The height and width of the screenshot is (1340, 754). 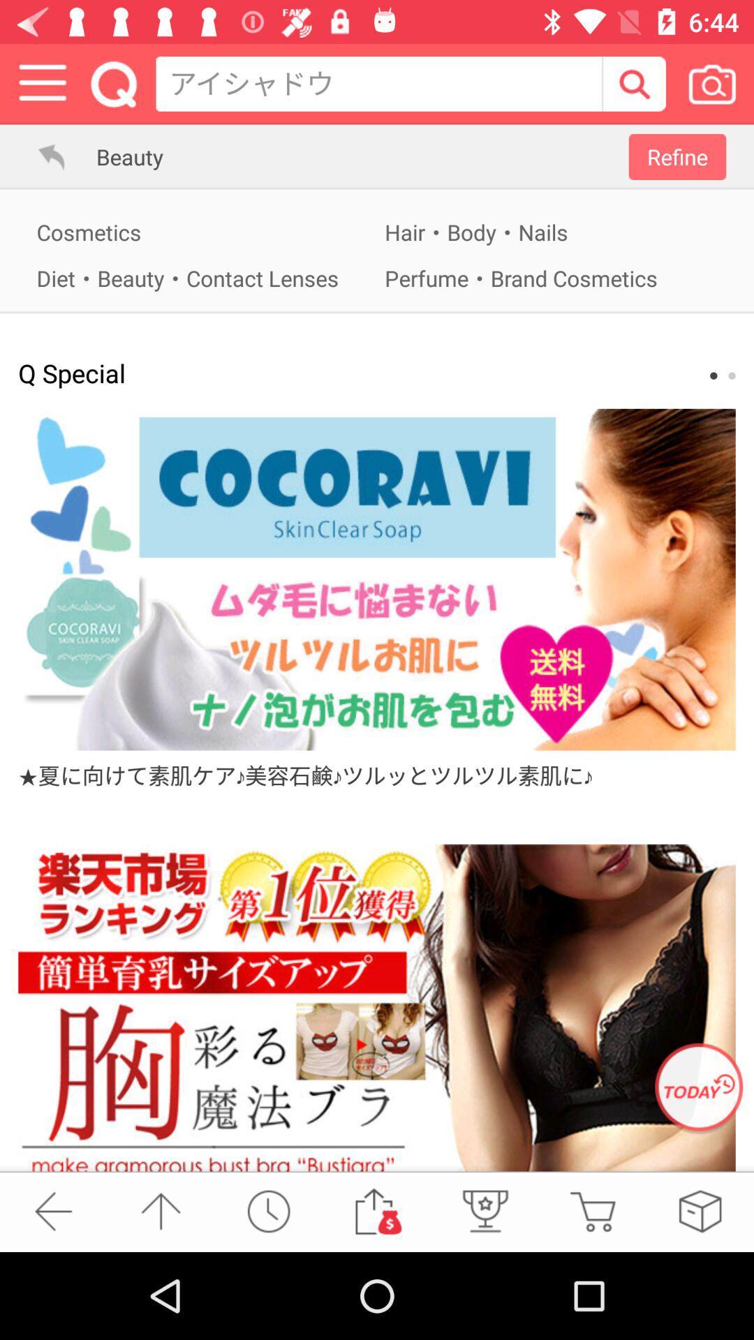 What do you see at coordinates (42, 83) in the screenshot?
I see `menu button` at bounding box center [42, 83].